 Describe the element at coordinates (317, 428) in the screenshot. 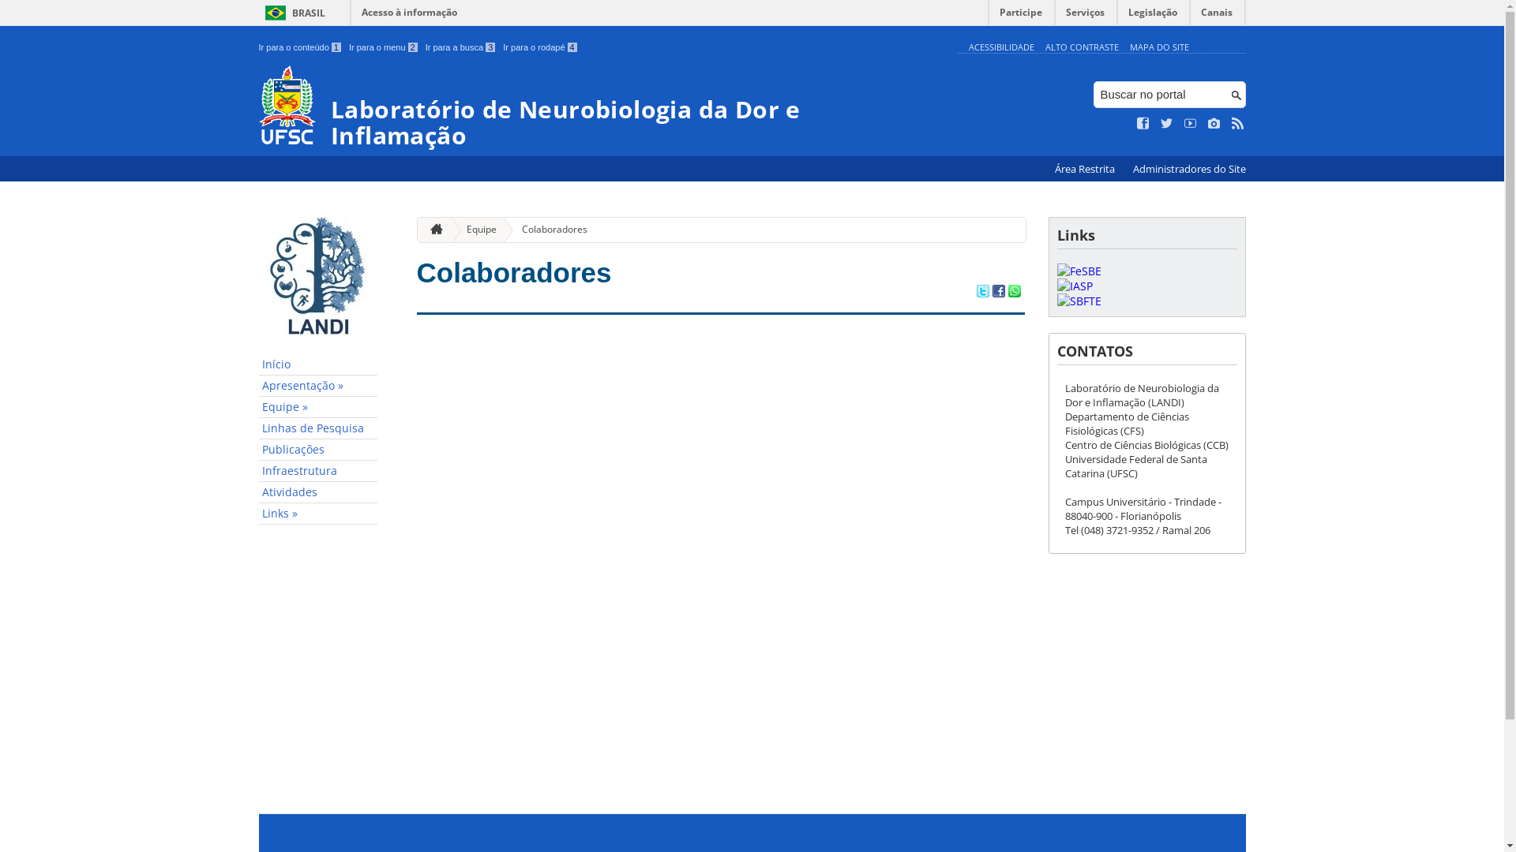

I see `'Linhas de Pesquisa'` at that location.